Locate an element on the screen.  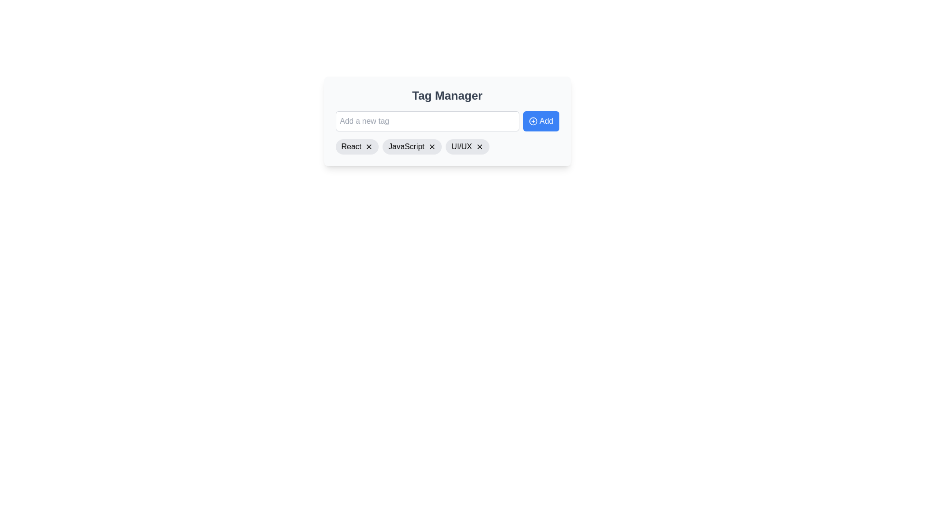
the blue rectangular button labeled 'Add' with rounded corners and a plus icon is located at coordinates (541, 120).